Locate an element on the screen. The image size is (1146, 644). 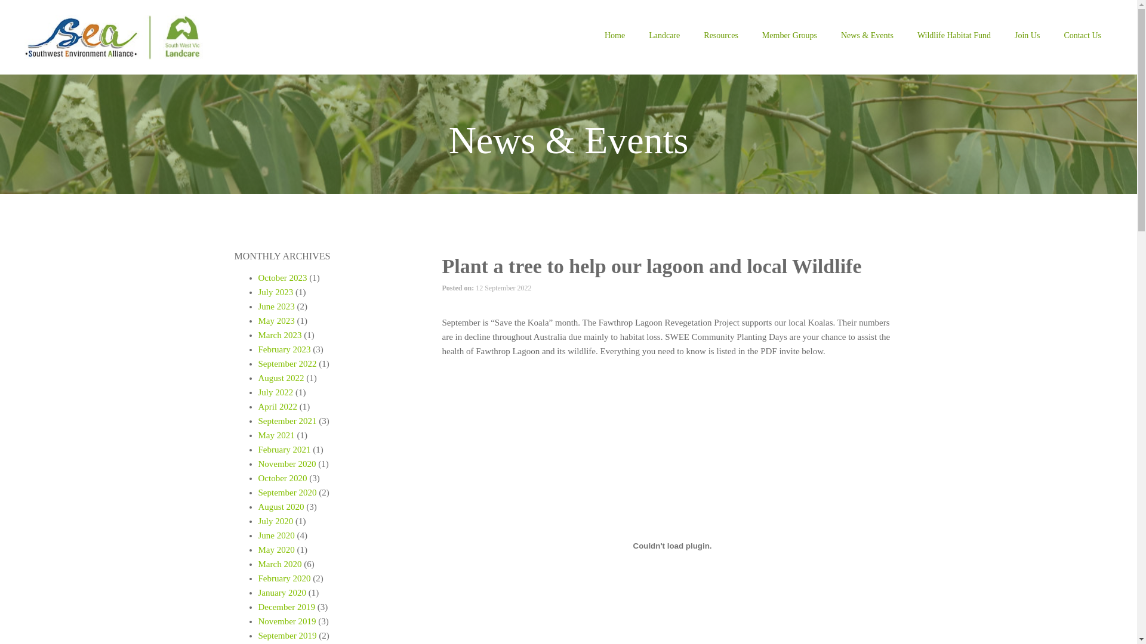
'November 2020' is located at coordinates (286, 463).